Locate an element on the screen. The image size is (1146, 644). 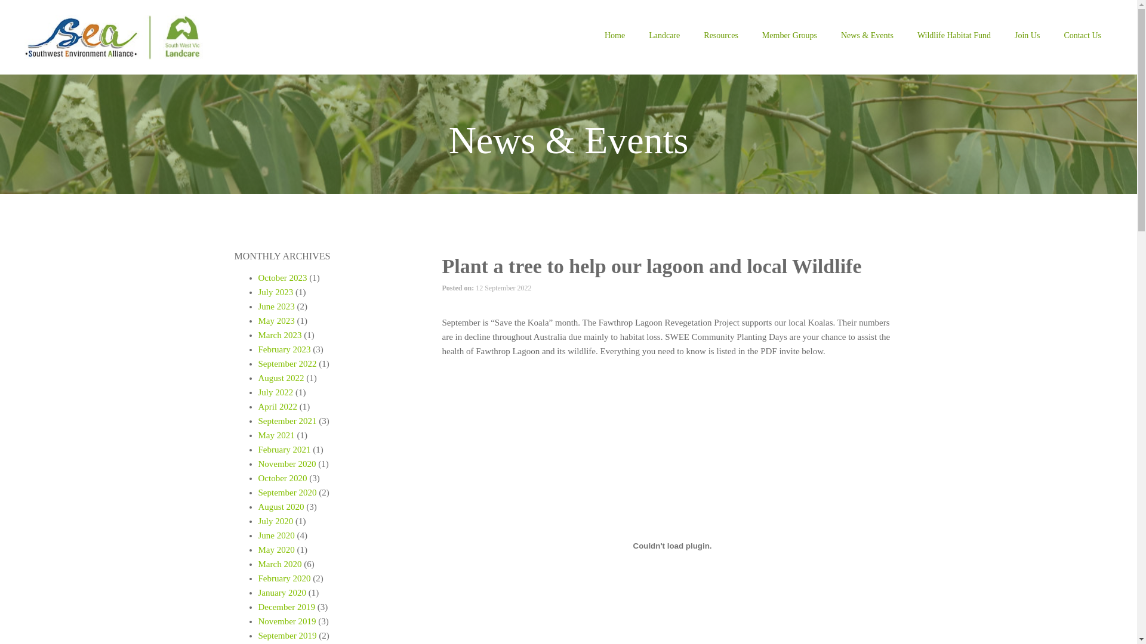
'November 2020' is located at coordinates (286, 463).